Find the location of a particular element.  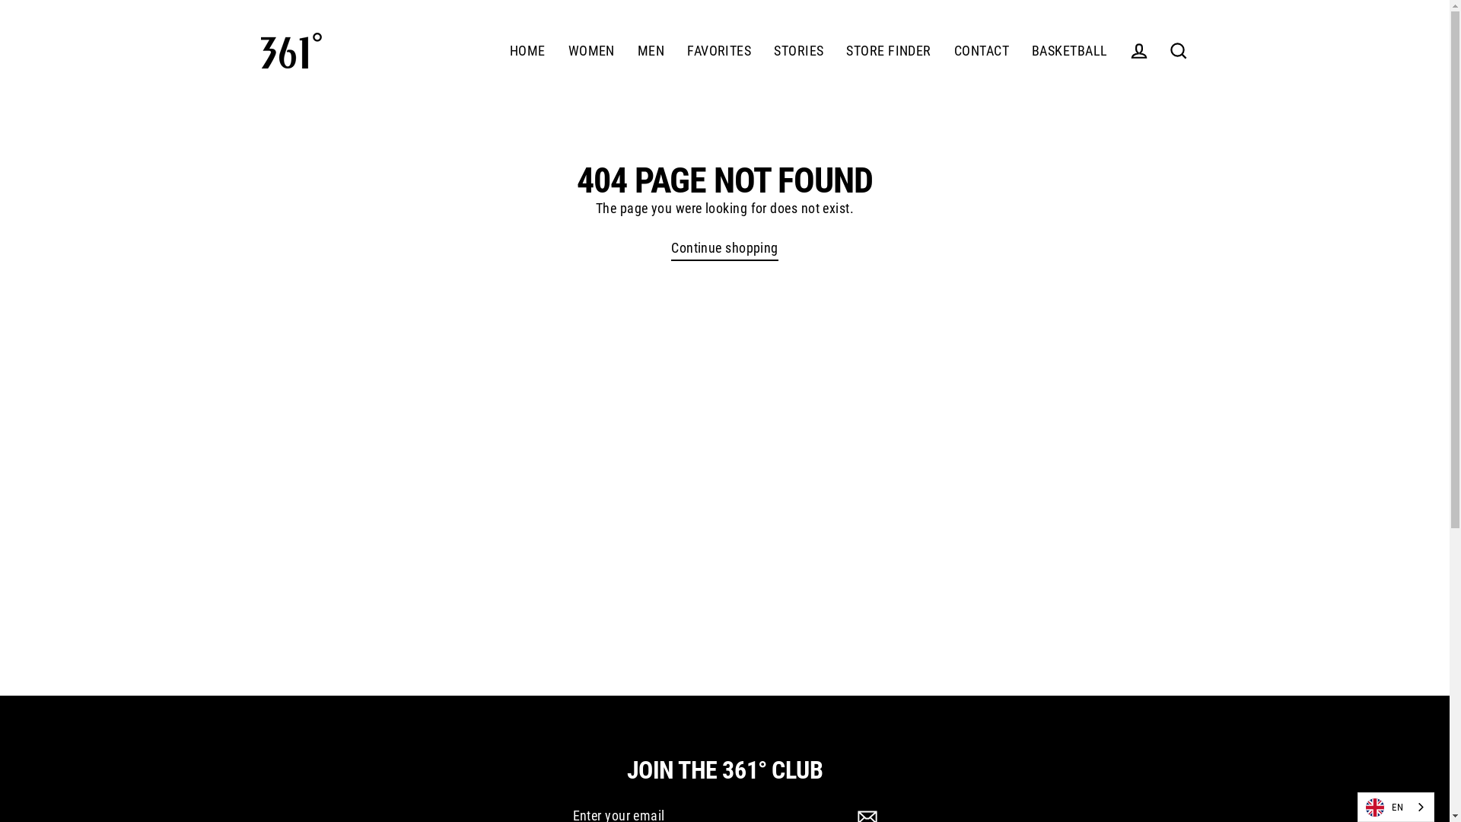

'STORE FINDER' is located at coordinates (888, 49).